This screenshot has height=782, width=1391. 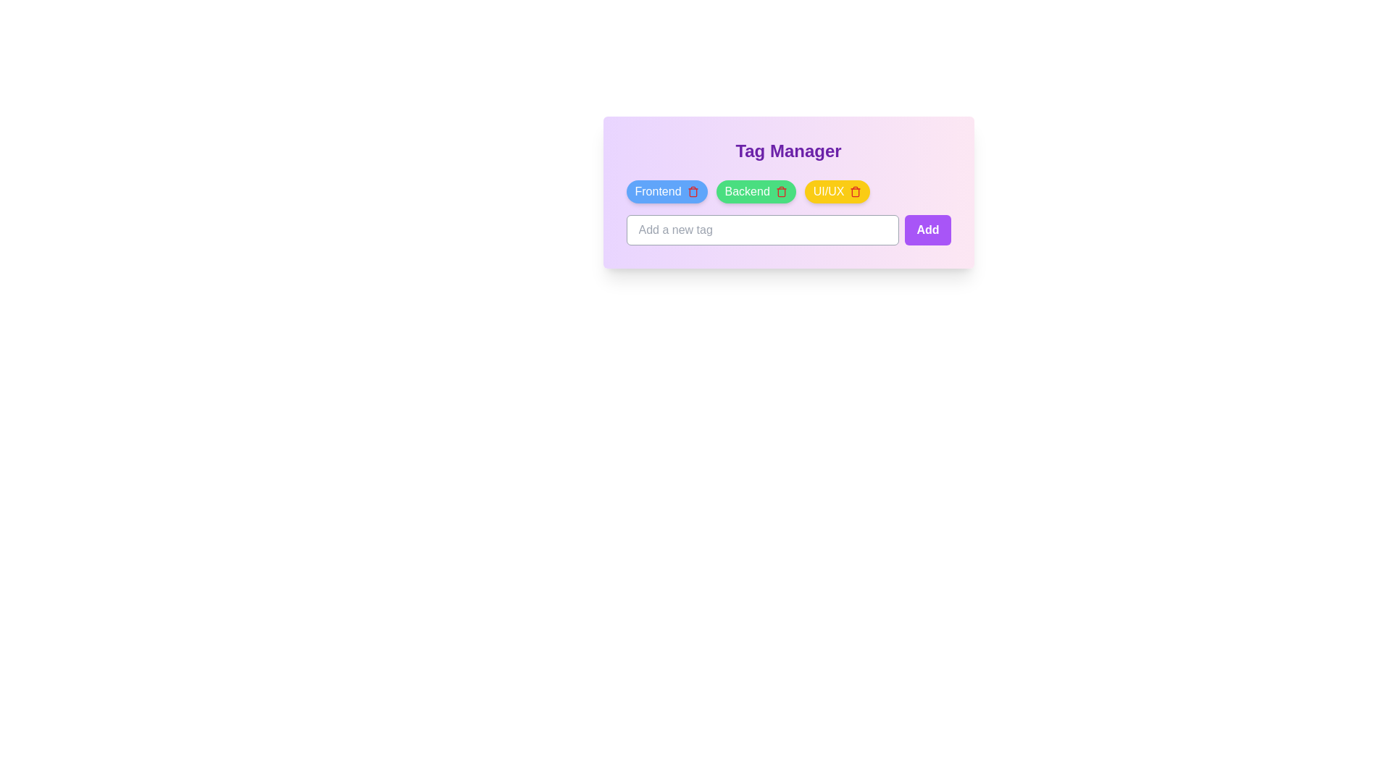 What do you see at coordinates (780, 191) in the screenshot?
I see `the trash icon of the tag named Backend to delete it` at bounding box center [780, 191].